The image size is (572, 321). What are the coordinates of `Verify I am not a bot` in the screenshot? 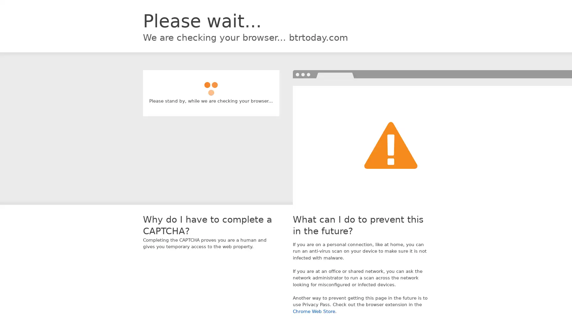 It's located at (211, 86).